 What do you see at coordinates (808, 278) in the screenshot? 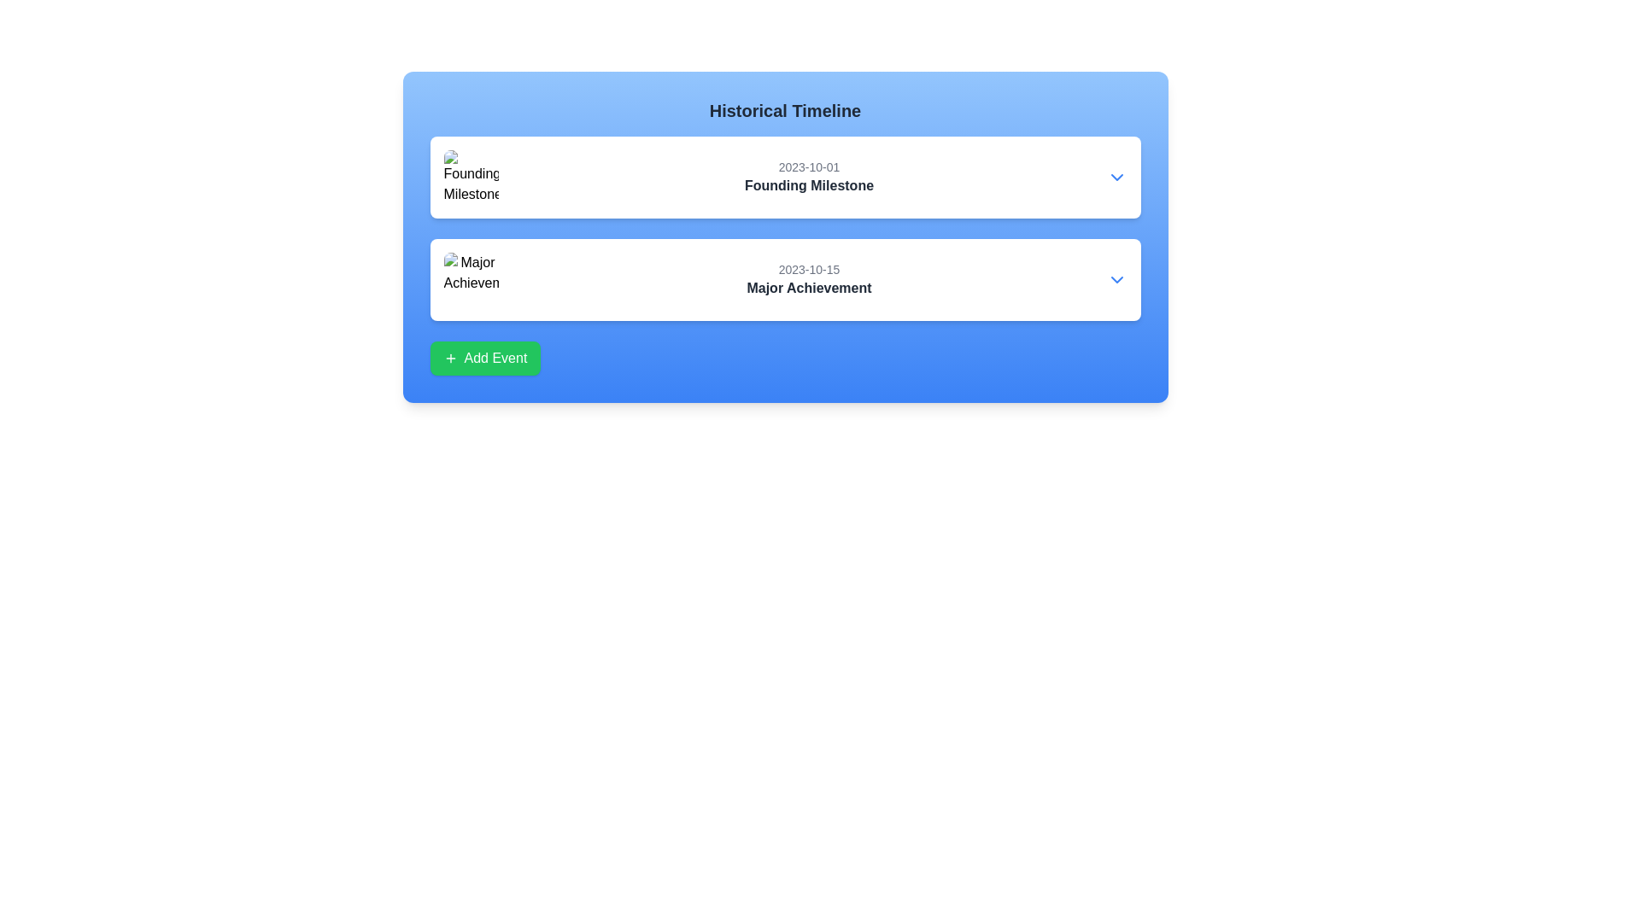
I see `the text block containing the title 'Major Achievement' and subtitle '2023-10-15'` at bounding box center [808, 278].